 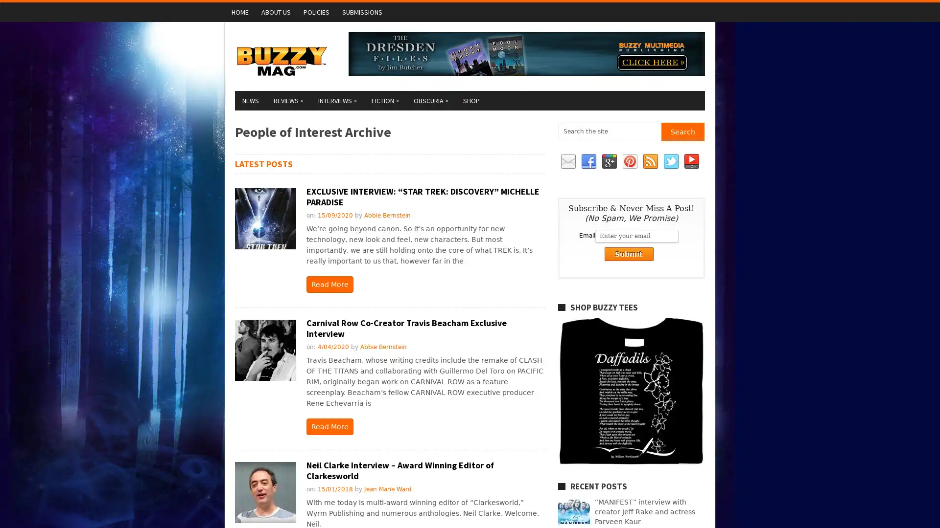 What do you see at coordinates (628, 254) in the screenshot?
I see `Submit` at bounding box center [628, 254].